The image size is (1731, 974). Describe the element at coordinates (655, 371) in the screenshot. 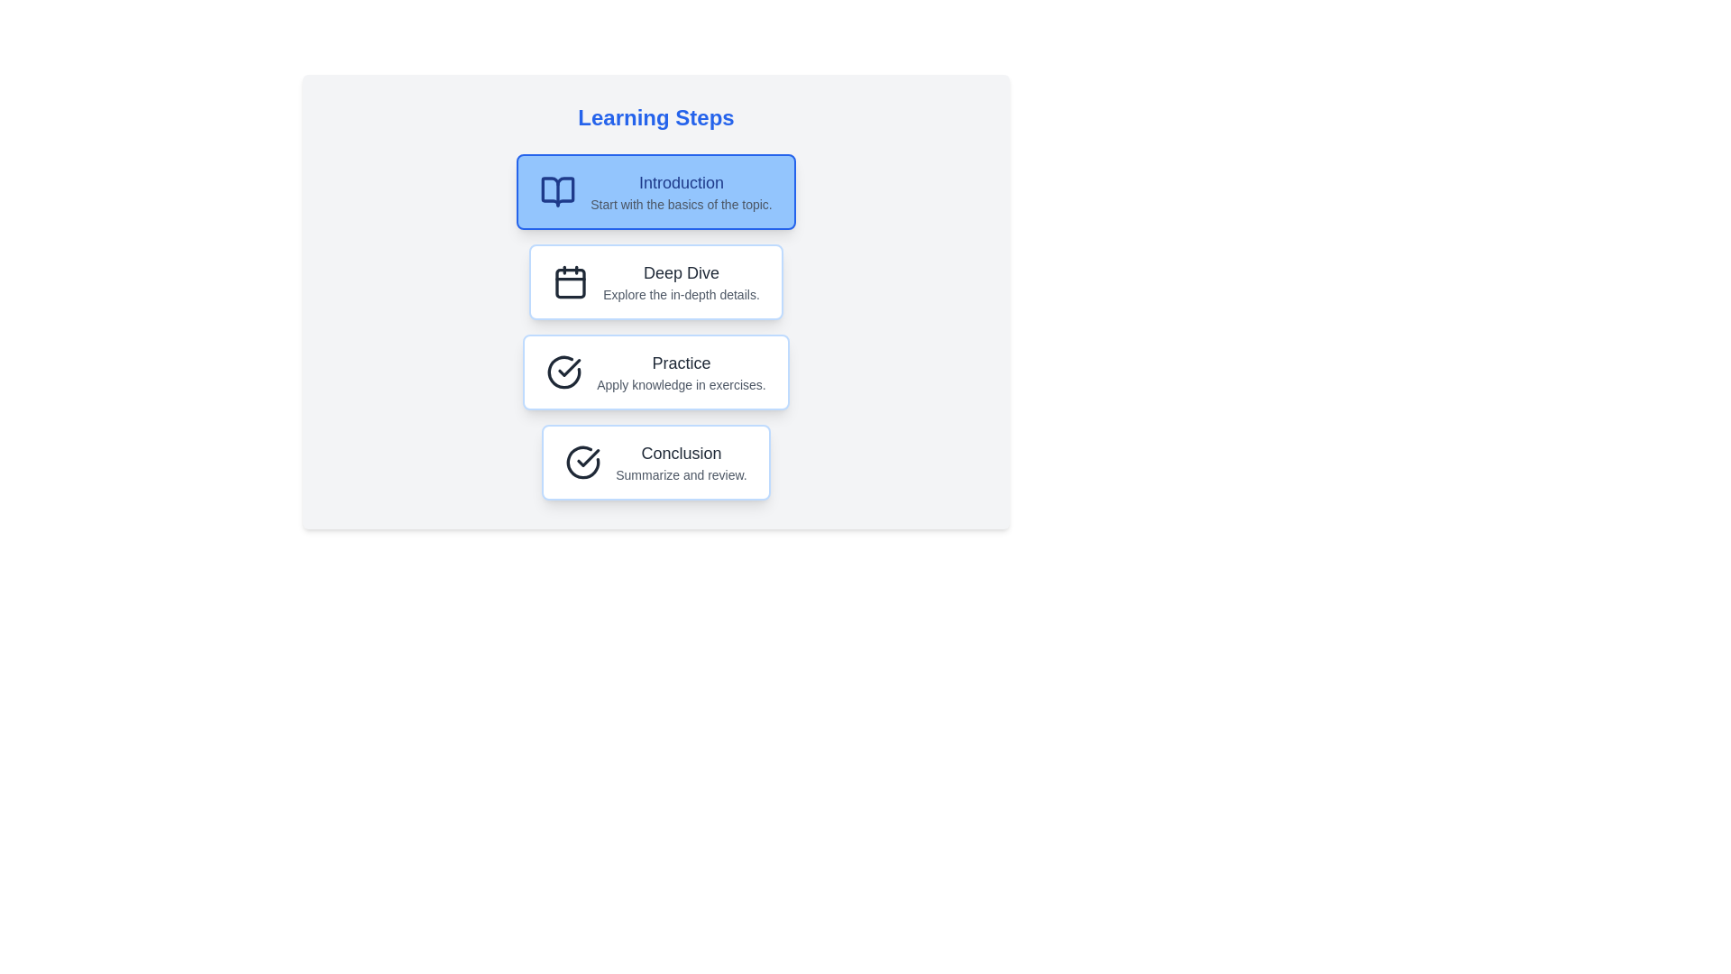

I see `the 'Practice' card, which is the third card in a vertical stack of four cards` at that location.